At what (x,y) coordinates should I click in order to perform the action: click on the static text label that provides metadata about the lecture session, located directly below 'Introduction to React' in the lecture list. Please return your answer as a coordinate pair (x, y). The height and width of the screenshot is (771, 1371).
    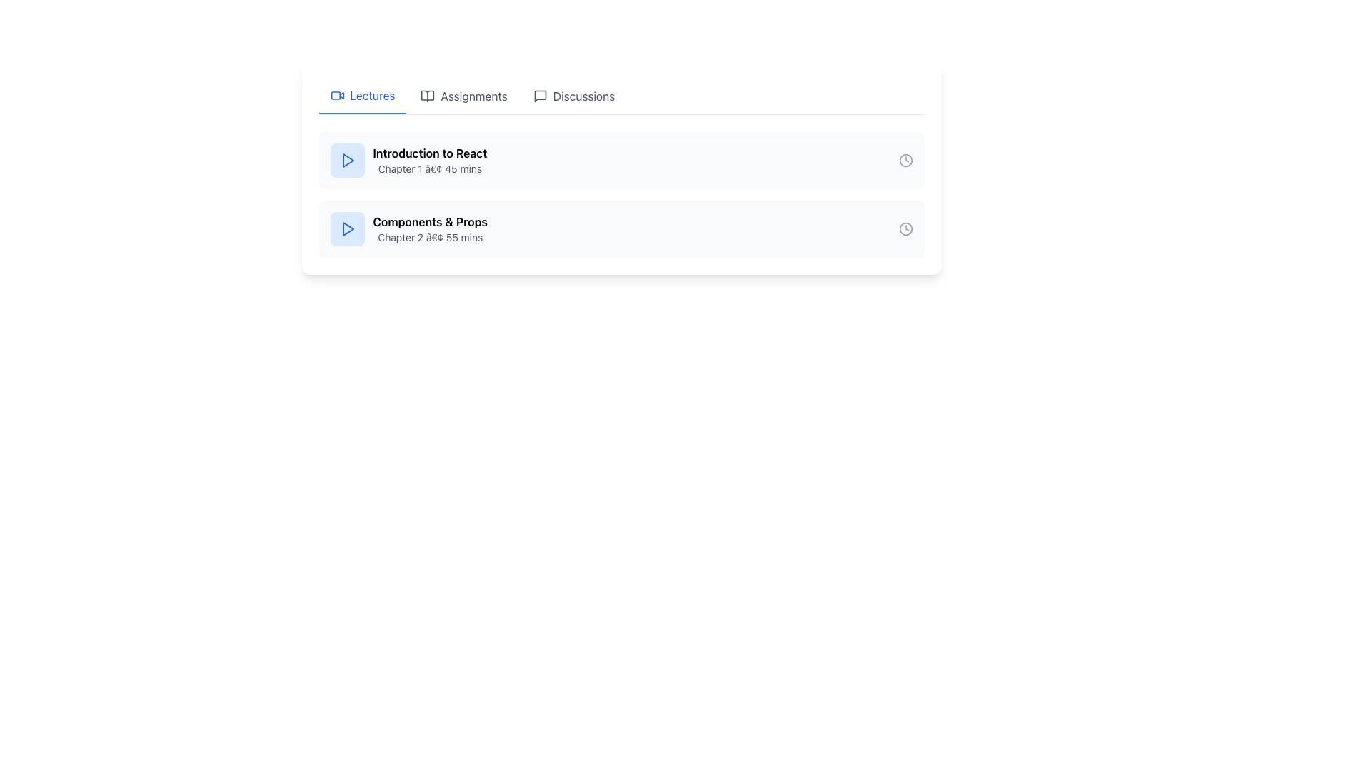
    Looking at the image, I should click on (429, 168).